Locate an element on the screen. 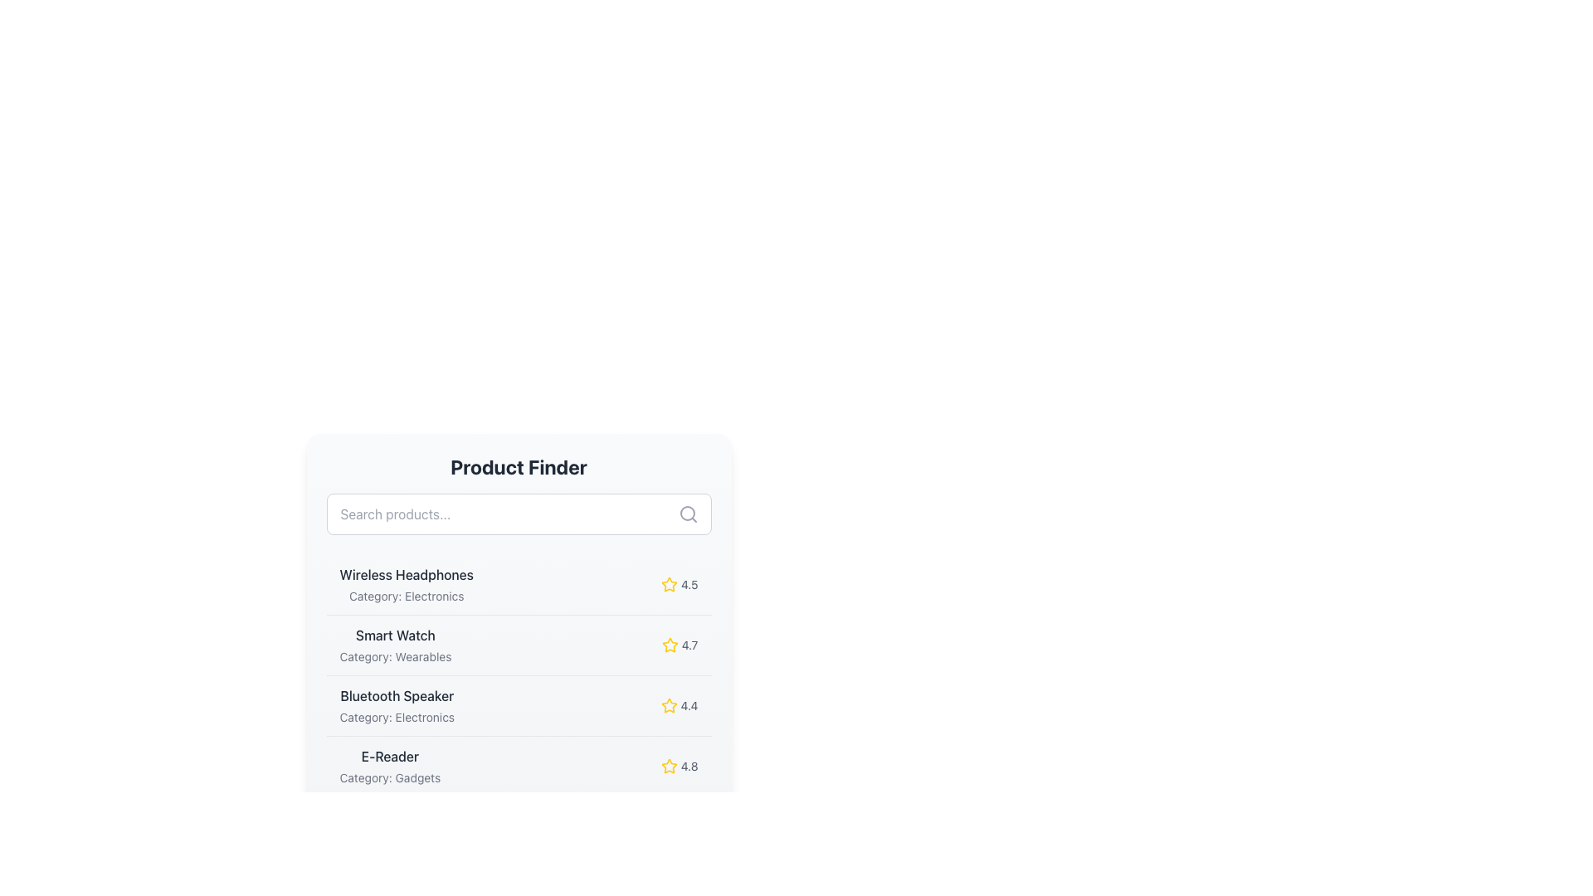 Image resolution: width=1593 pixels, height=896 pixels. the text label displaying 'Wireless Headphones', which is styled with medium font weight and dark gray color, located in the top-left section of the product list is located at coordinates (407, 574).